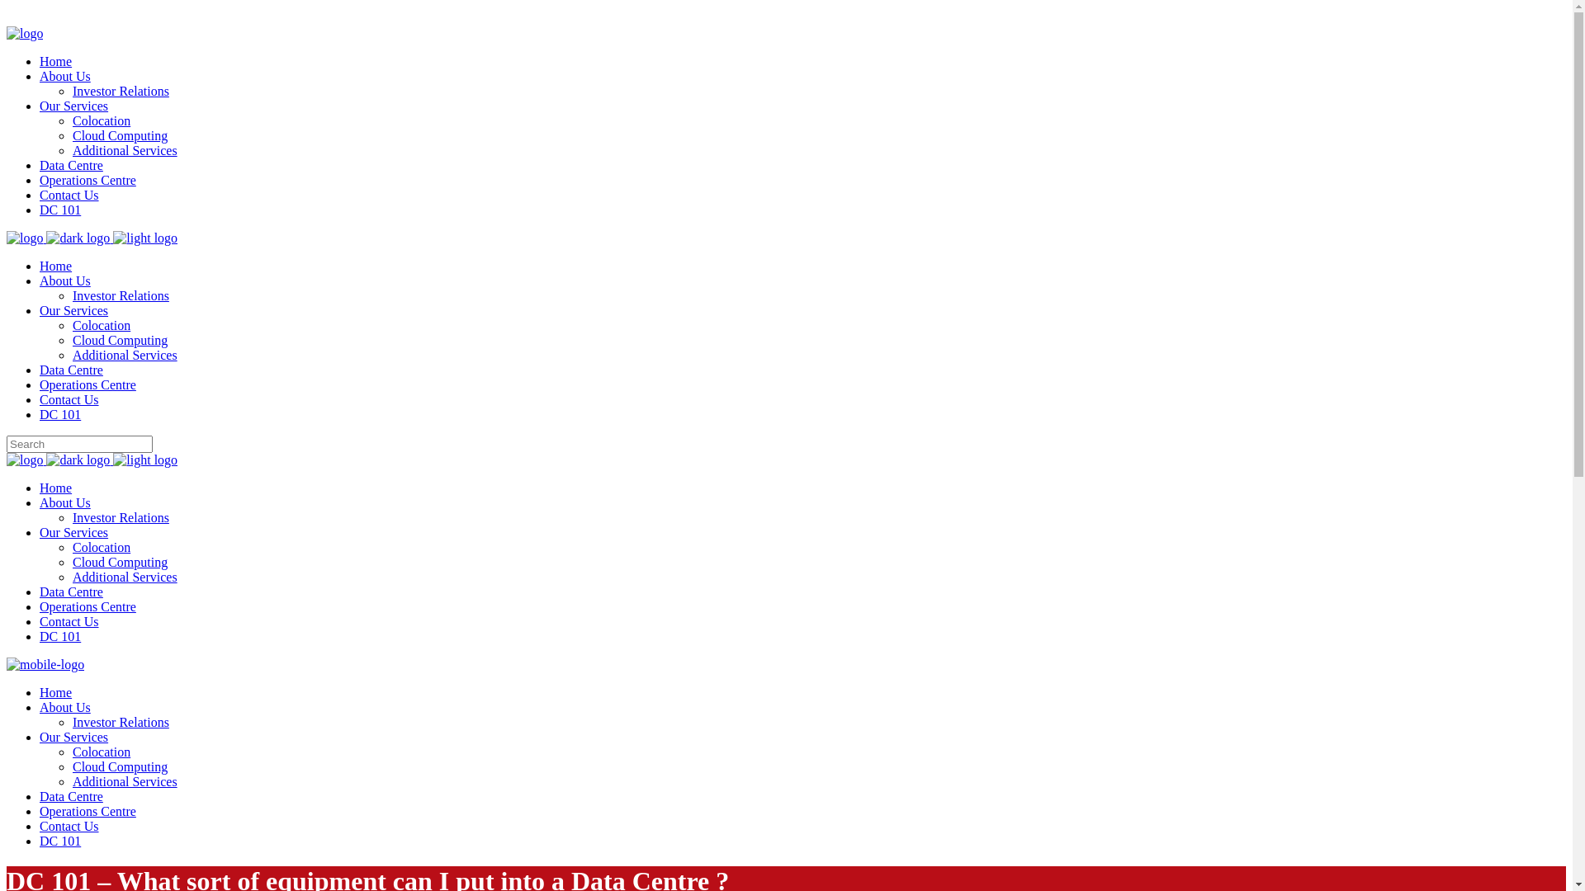 This screenshot has width=1585, height=891. What do you see at coordinates (55, 265) in the screenshot?
I see `'Home'` at bounding box center [55, 265].